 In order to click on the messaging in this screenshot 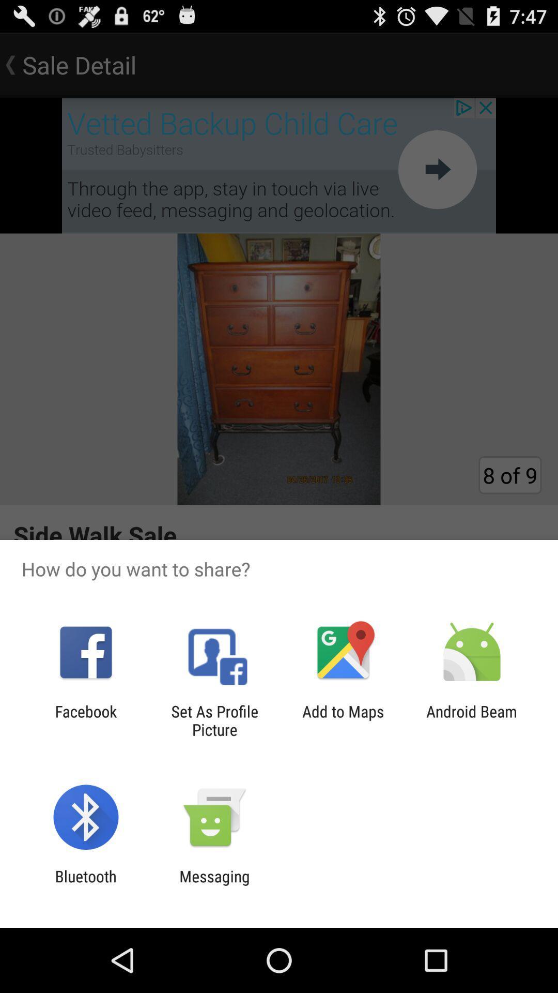, I will do `click(214, 885)`.